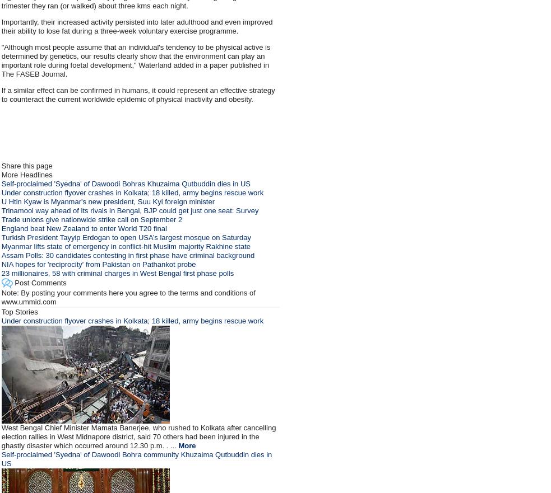 The width and height of the screenshot is (551, 493). What do you see at coordinates (0, 175) in the screenshot?
I see `'More Headlines'` at bounding box center [0, 175].